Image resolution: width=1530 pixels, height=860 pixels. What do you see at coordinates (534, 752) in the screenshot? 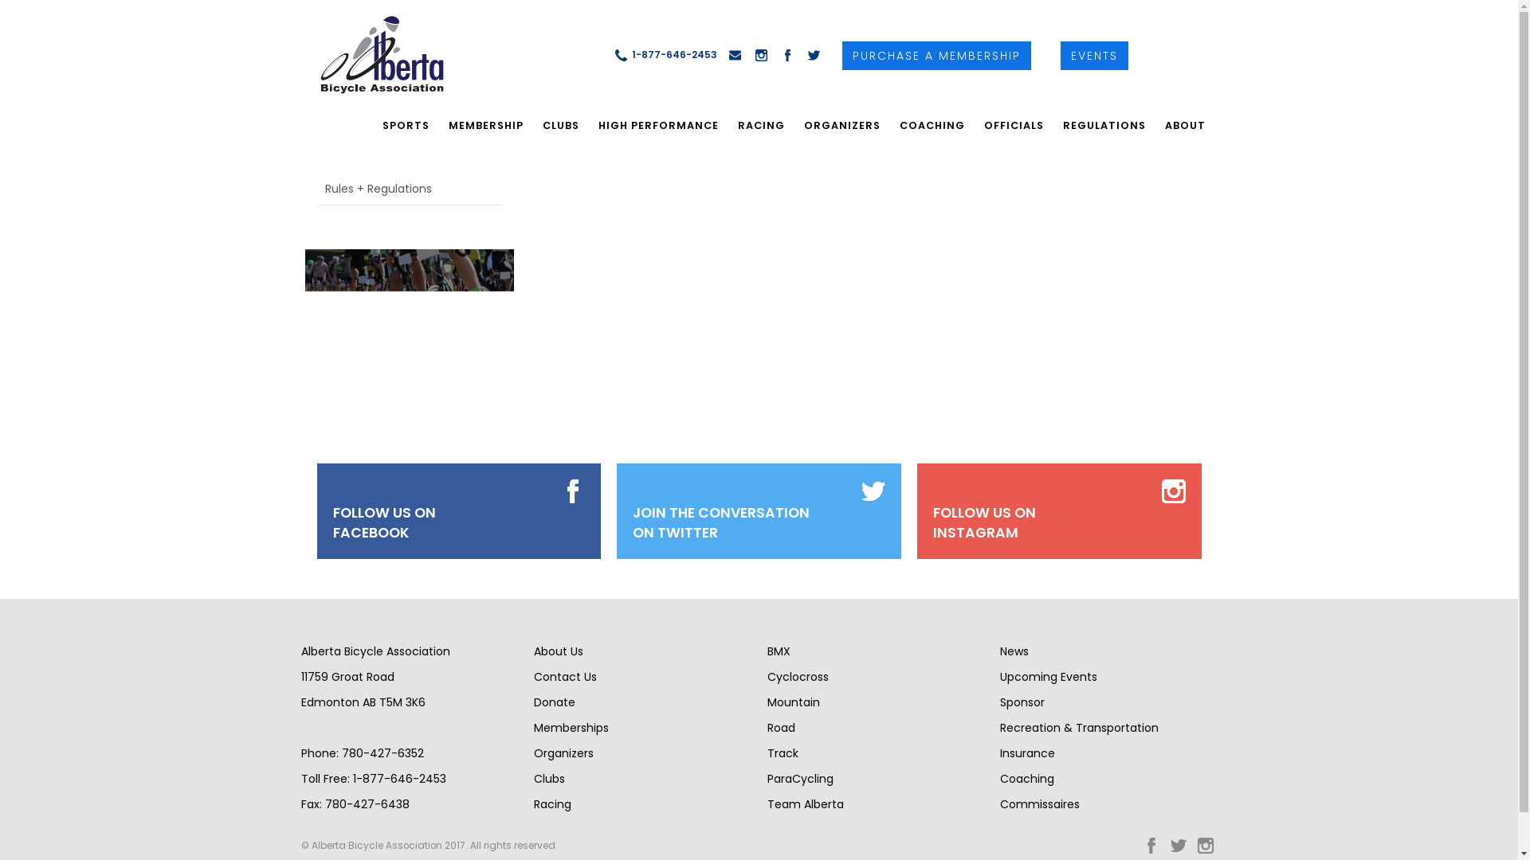
I see `'Organizers'` at bounding box center [534, 752].